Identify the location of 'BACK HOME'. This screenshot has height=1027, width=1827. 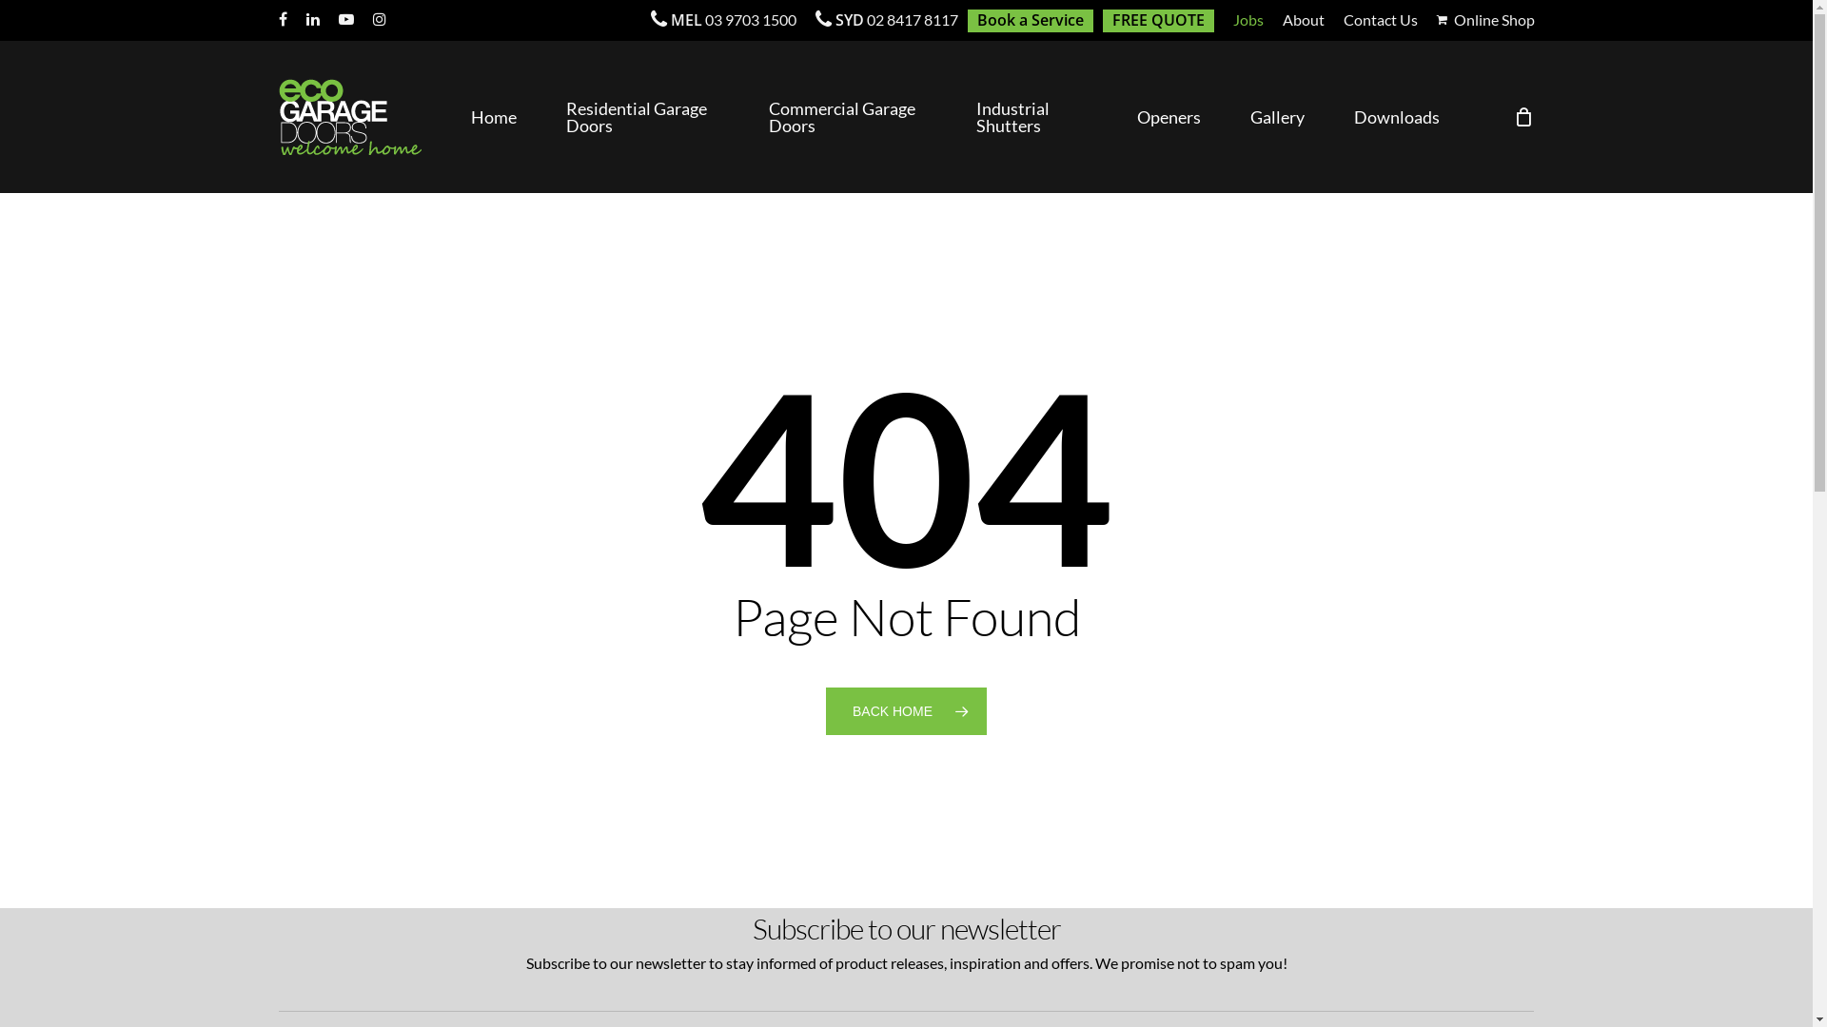
(905, 711).